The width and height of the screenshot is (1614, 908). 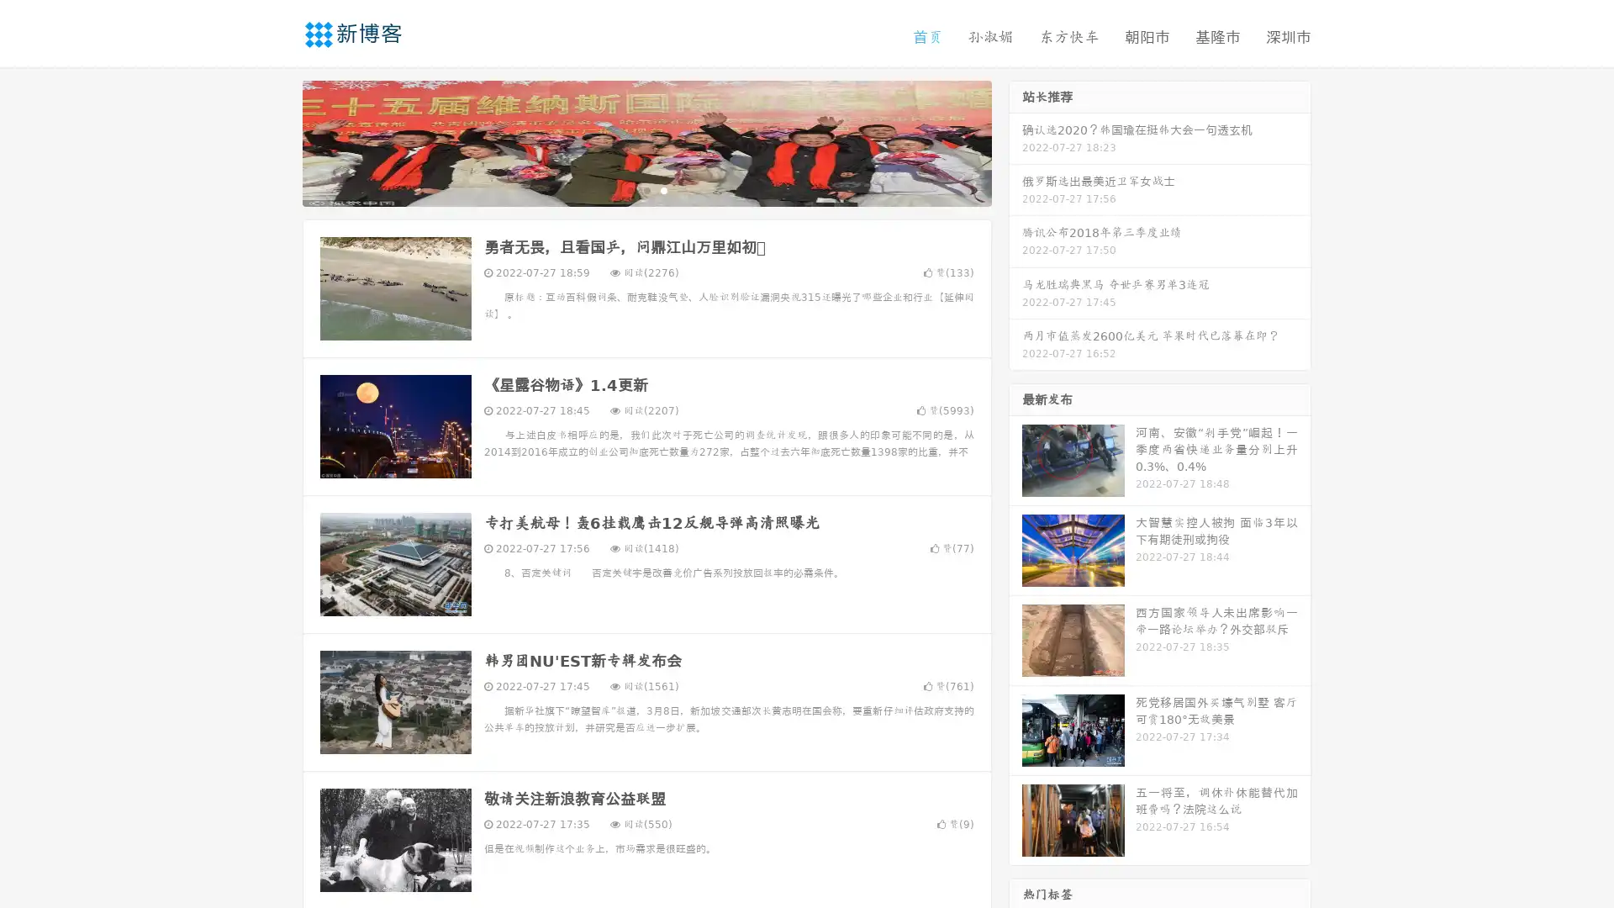 What do you see at coordinates (663, 189) in the screenshot?
I see `Go to slide 3` at bounding box center [663, 189].